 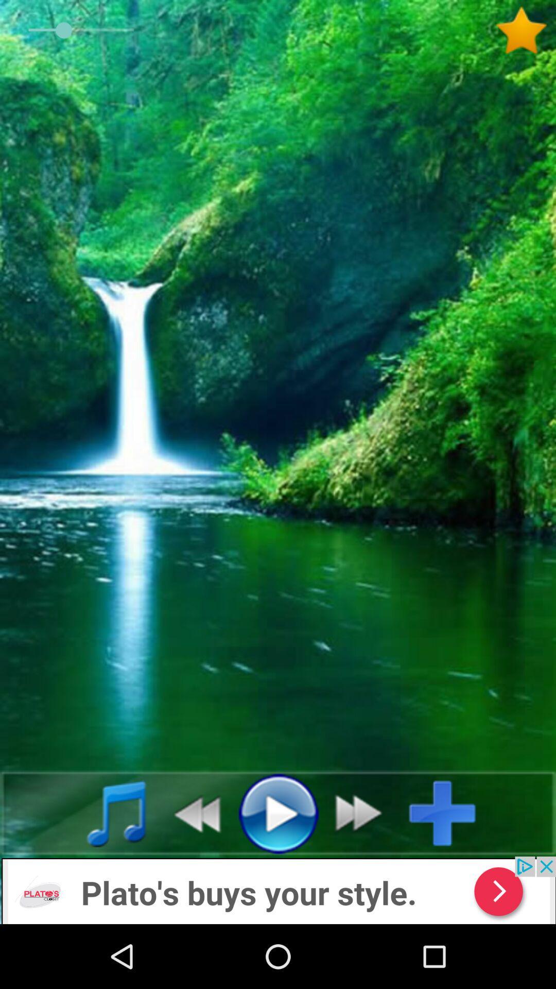 I want to click on rewind, so click(x=191, y=812).